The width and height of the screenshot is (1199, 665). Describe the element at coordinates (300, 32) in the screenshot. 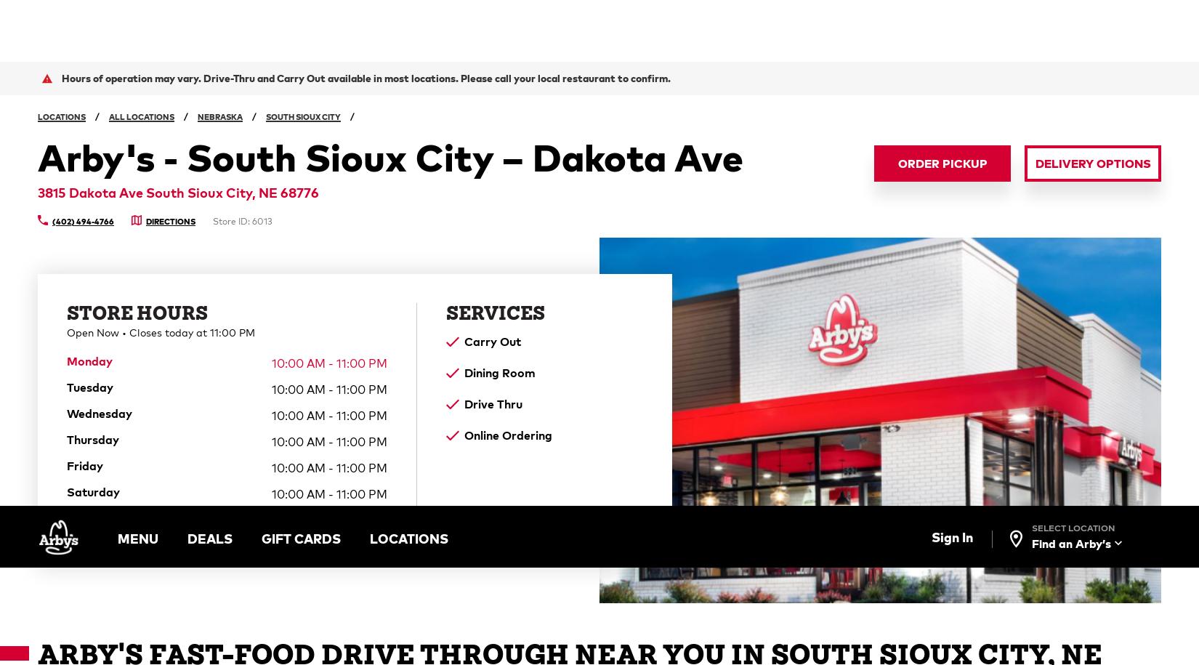

I see `'GIFT CARDS'` at that location.